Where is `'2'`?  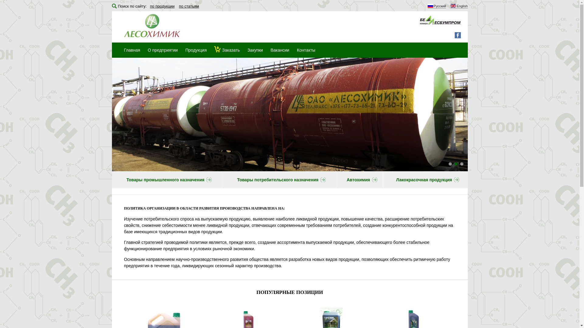
'2' is located at coordinates (456, 163).